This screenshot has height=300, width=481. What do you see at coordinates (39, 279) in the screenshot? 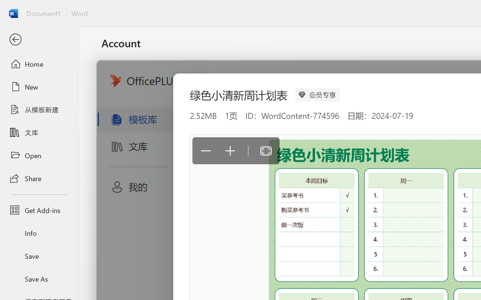
I see `'Save As'` at bounding box center [39, 279].